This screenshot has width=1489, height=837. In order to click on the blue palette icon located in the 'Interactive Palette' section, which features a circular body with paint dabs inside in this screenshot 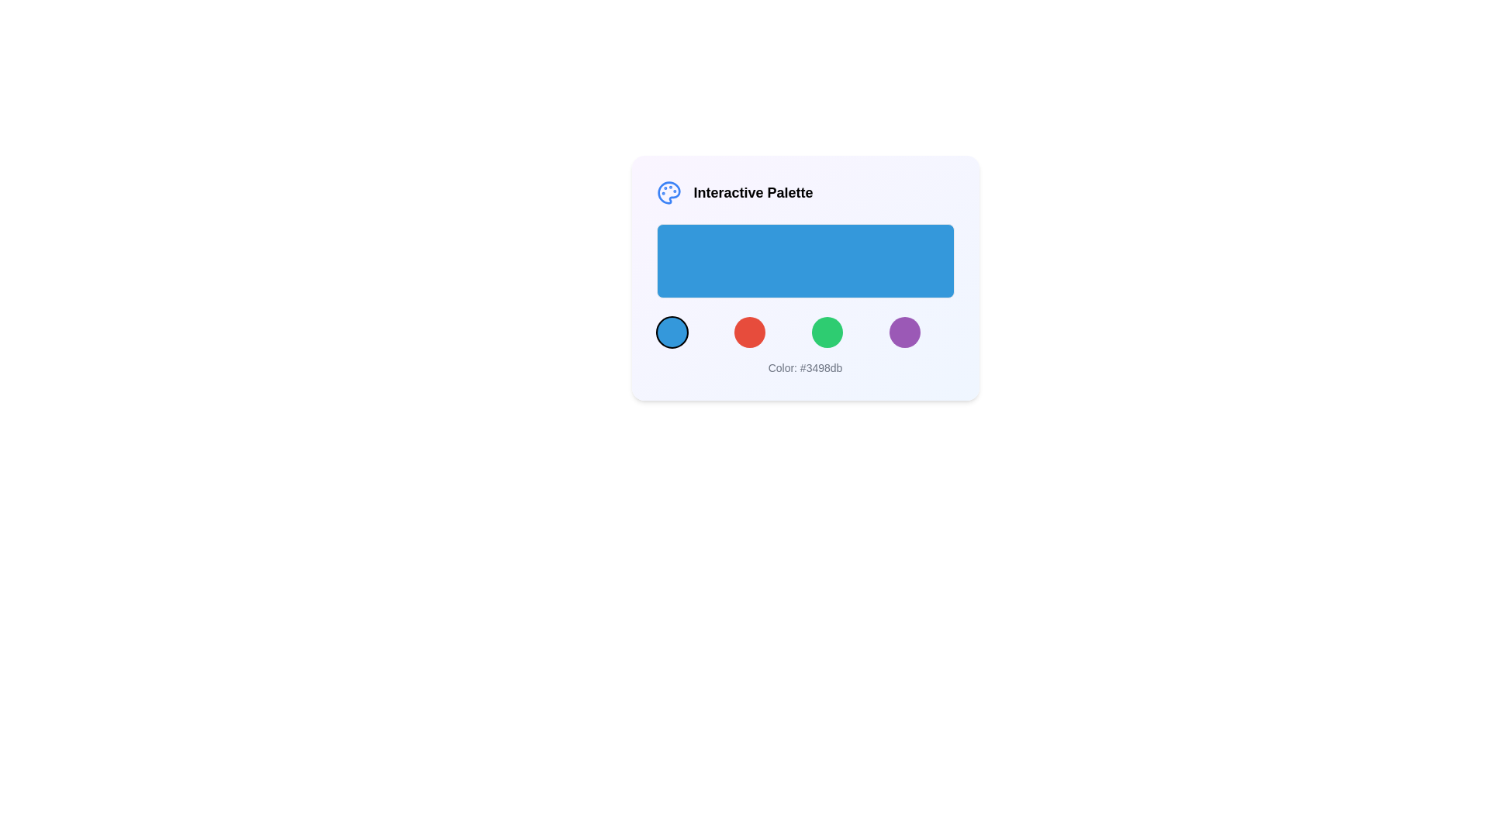, I will do `click(668, 192)`.